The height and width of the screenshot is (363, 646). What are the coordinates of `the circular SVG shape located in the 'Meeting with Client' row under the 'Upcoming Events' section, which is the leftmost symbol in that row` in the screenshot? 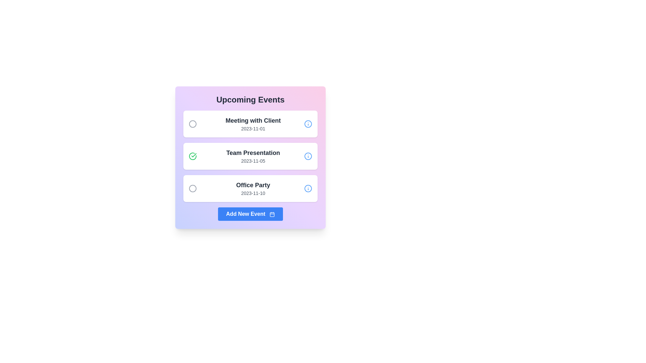 It's located at (192, 124).